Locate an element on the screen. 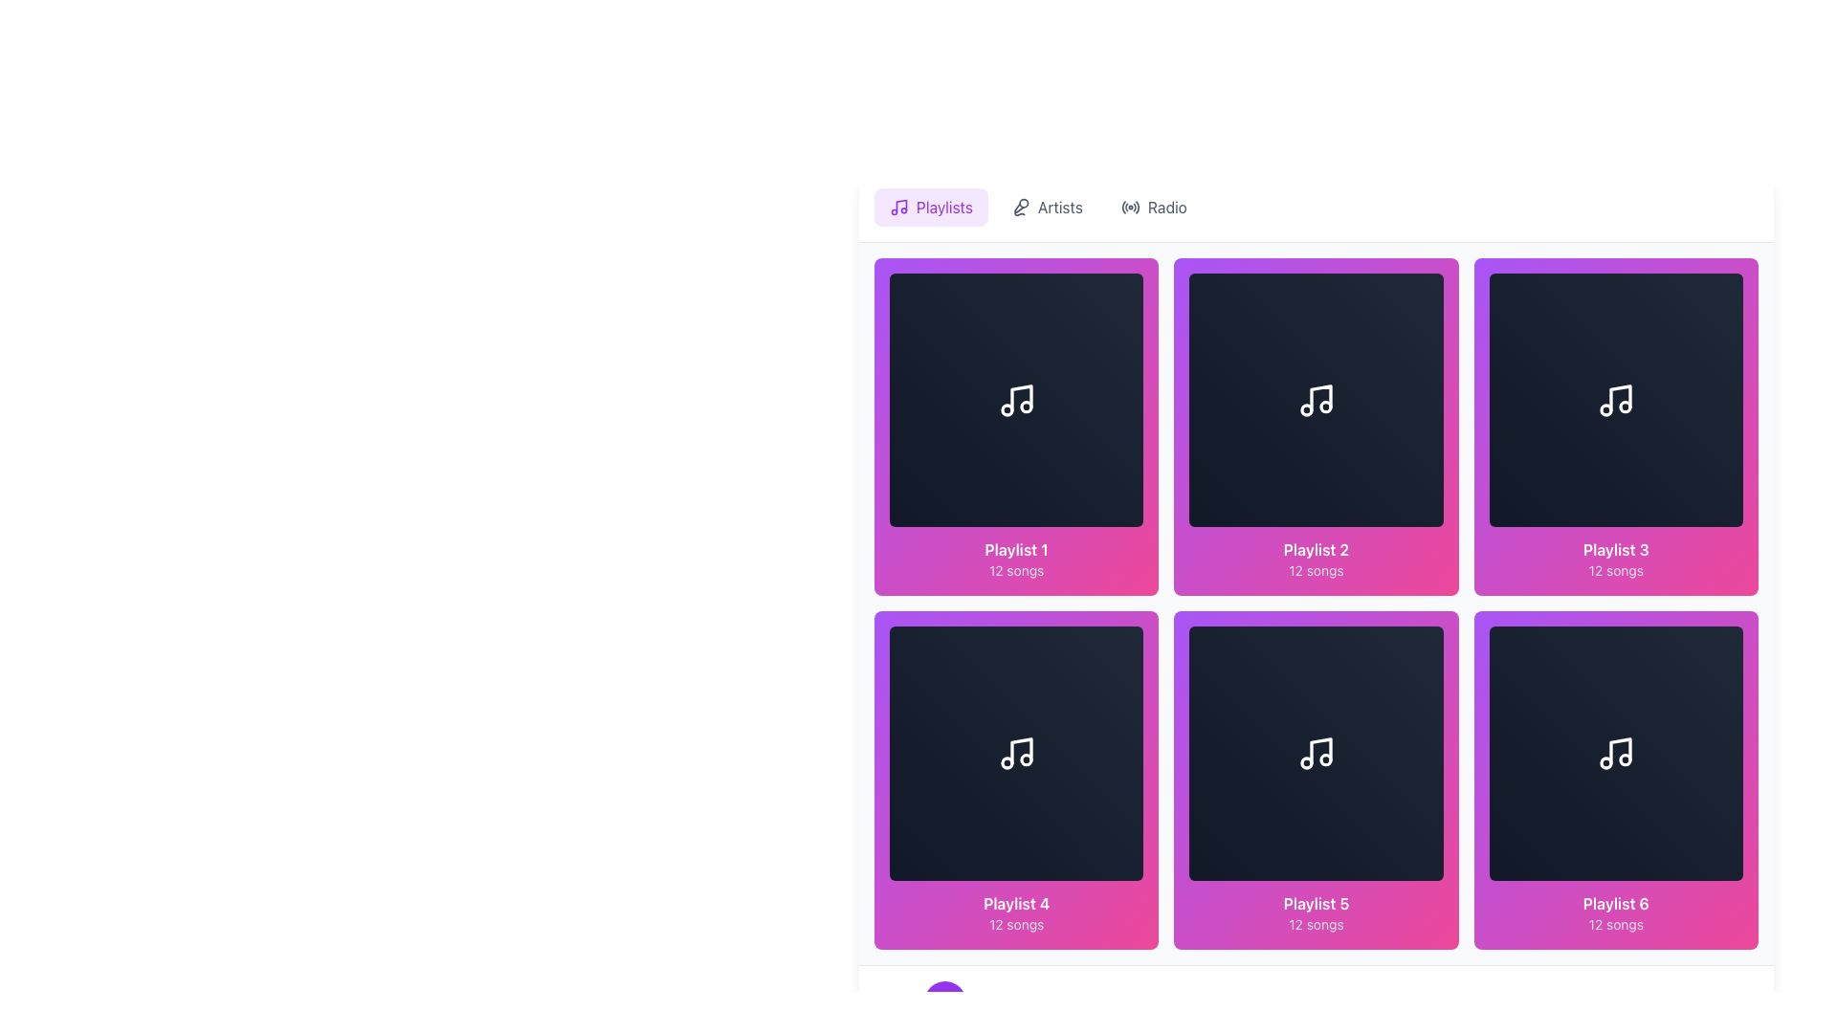  the 'Artists' button, which is a horizontally aligned button featuring a microphone icon and the text 'Artists' in light gray is located at coordinates (1046, 207).